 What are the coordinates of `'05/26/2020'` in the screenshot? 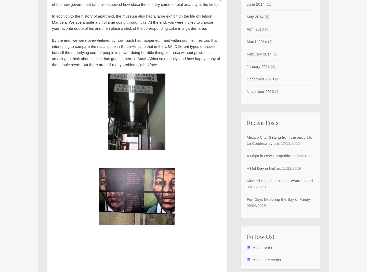 It's located at (302, 156).